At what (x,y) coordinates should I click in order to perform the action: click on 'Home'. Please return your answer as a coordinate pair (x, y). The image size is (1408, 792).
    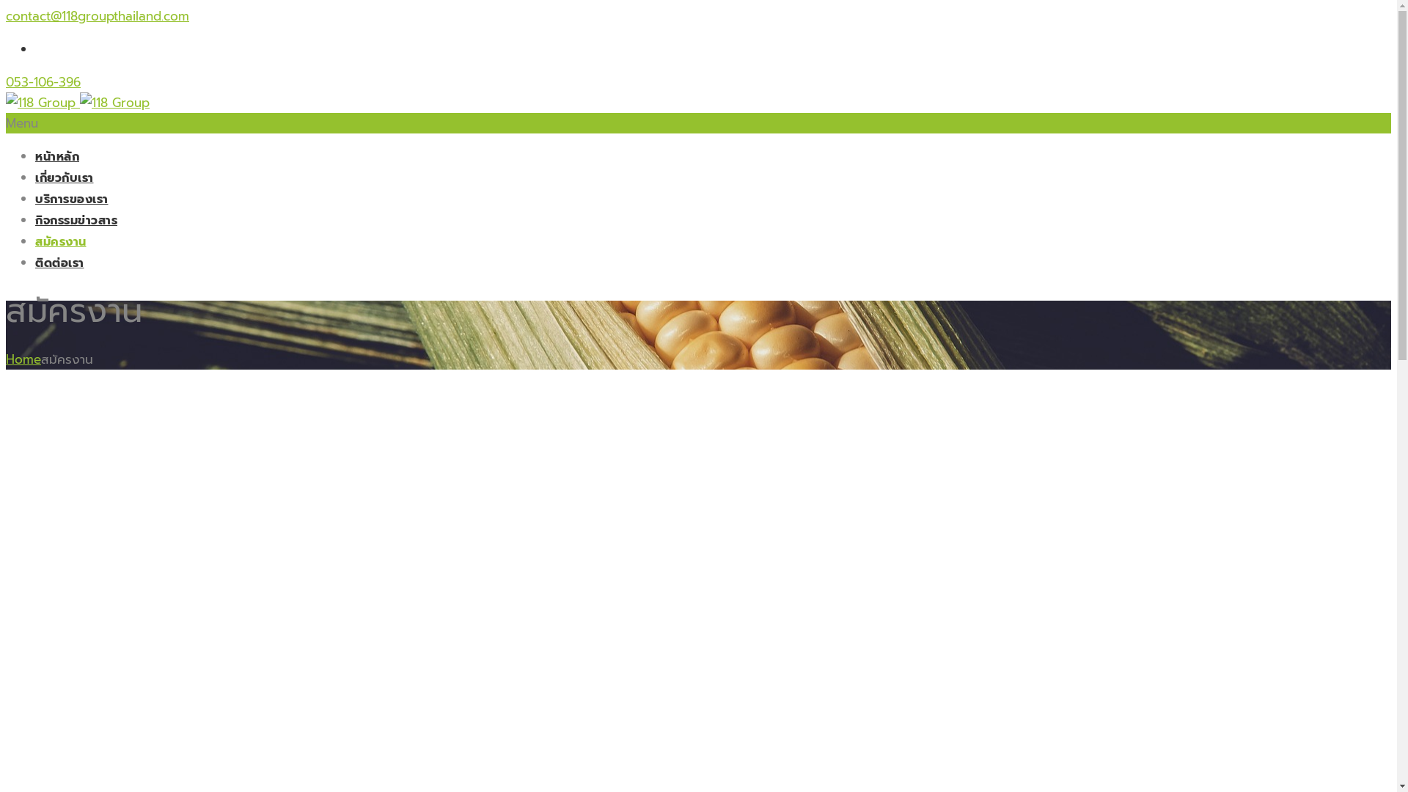
    Looking at the image, I should click on (6, 359).